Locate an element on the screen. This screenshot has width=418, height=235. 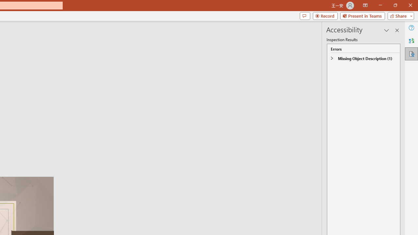
'Close pane' is located at coordinates (397, 30).